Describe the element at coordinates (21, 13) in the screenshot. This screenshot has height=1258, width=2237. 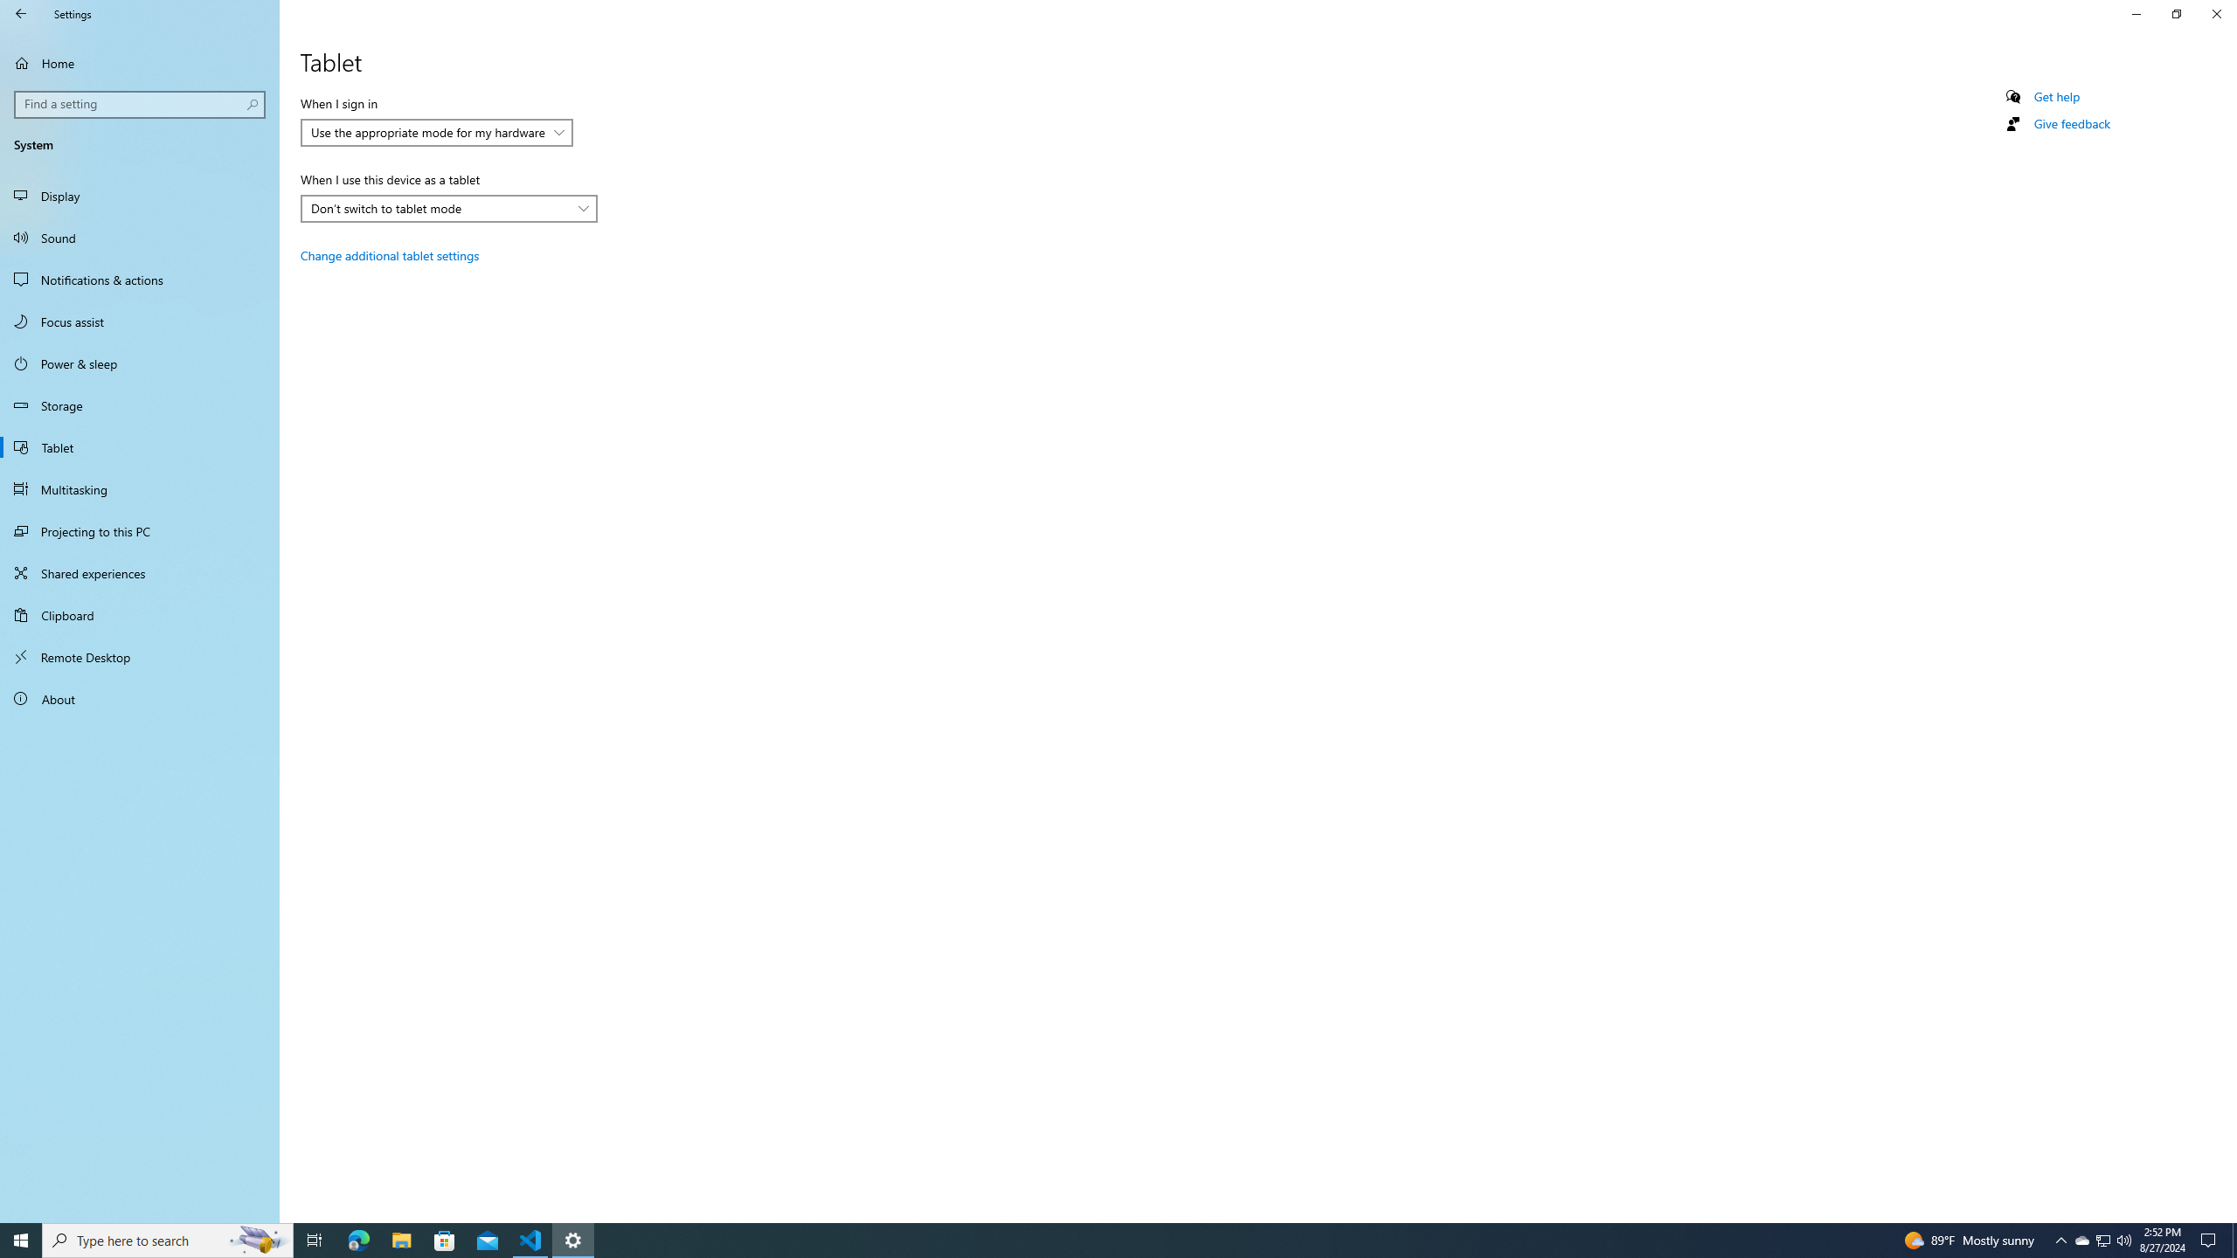
I see `'Back'` at that location.